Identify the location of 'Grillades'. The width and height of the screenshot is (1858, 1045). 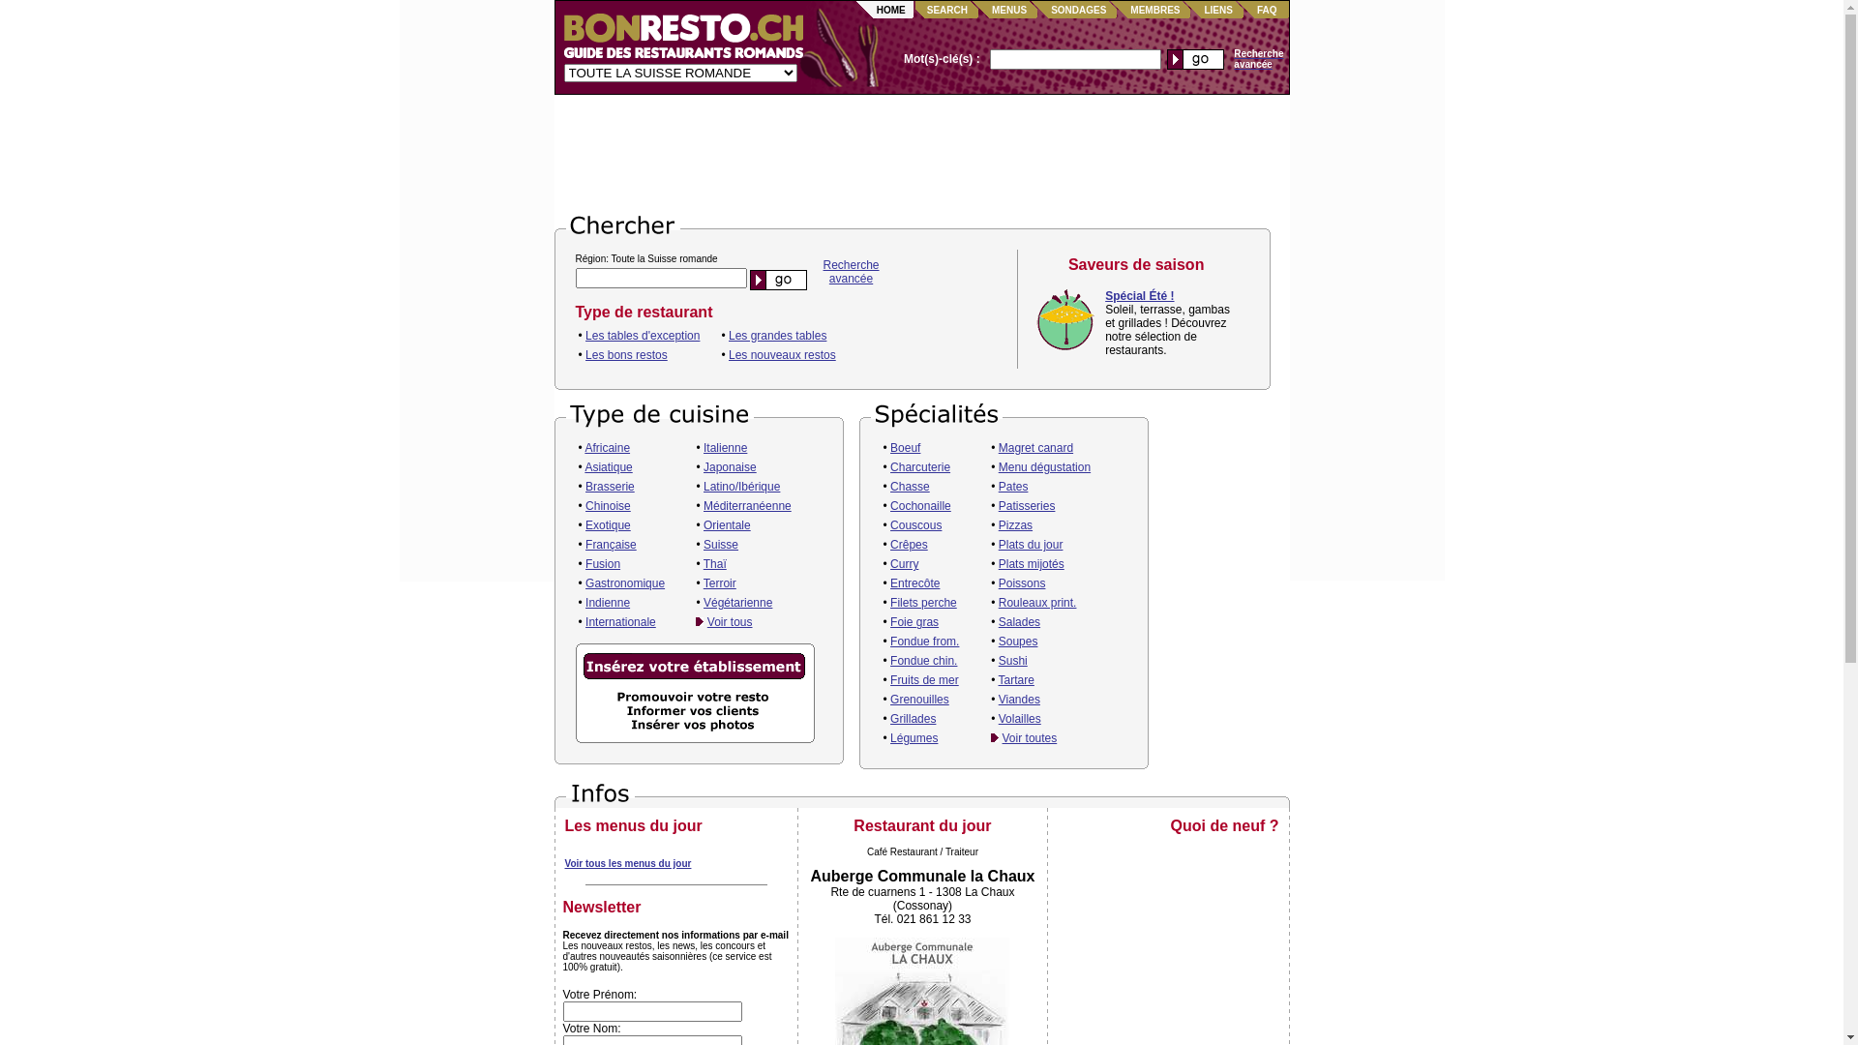
(912, 719).